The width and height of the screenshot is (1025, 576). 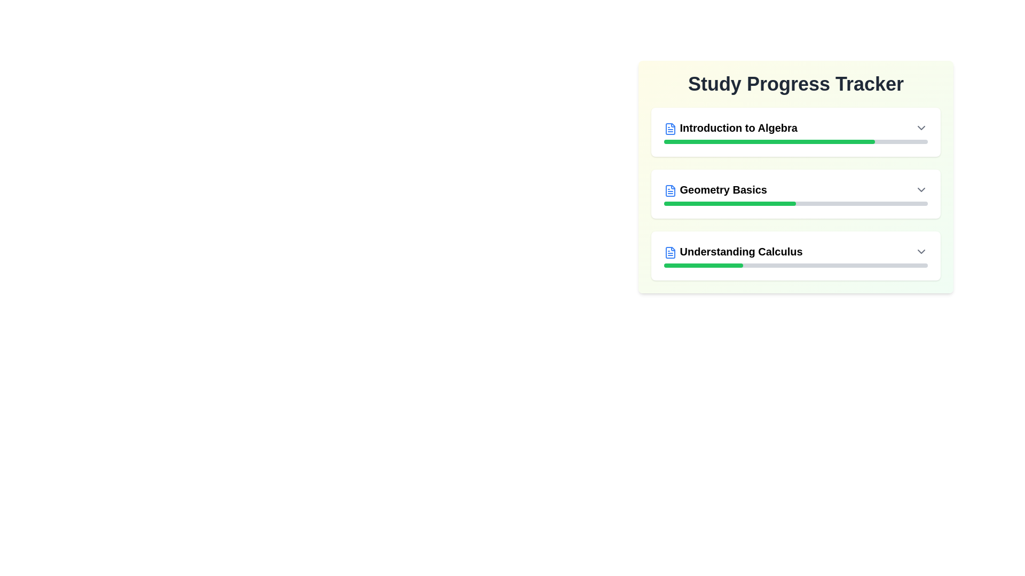 What do you see at coordinates (704, 265) in the screenshot?
I see `the green fill indicator of the progress bar representing 30% completion in the 'Understanding Calculus' section of the 'Study Progress Tracker'` at bounding box center [704, 265].